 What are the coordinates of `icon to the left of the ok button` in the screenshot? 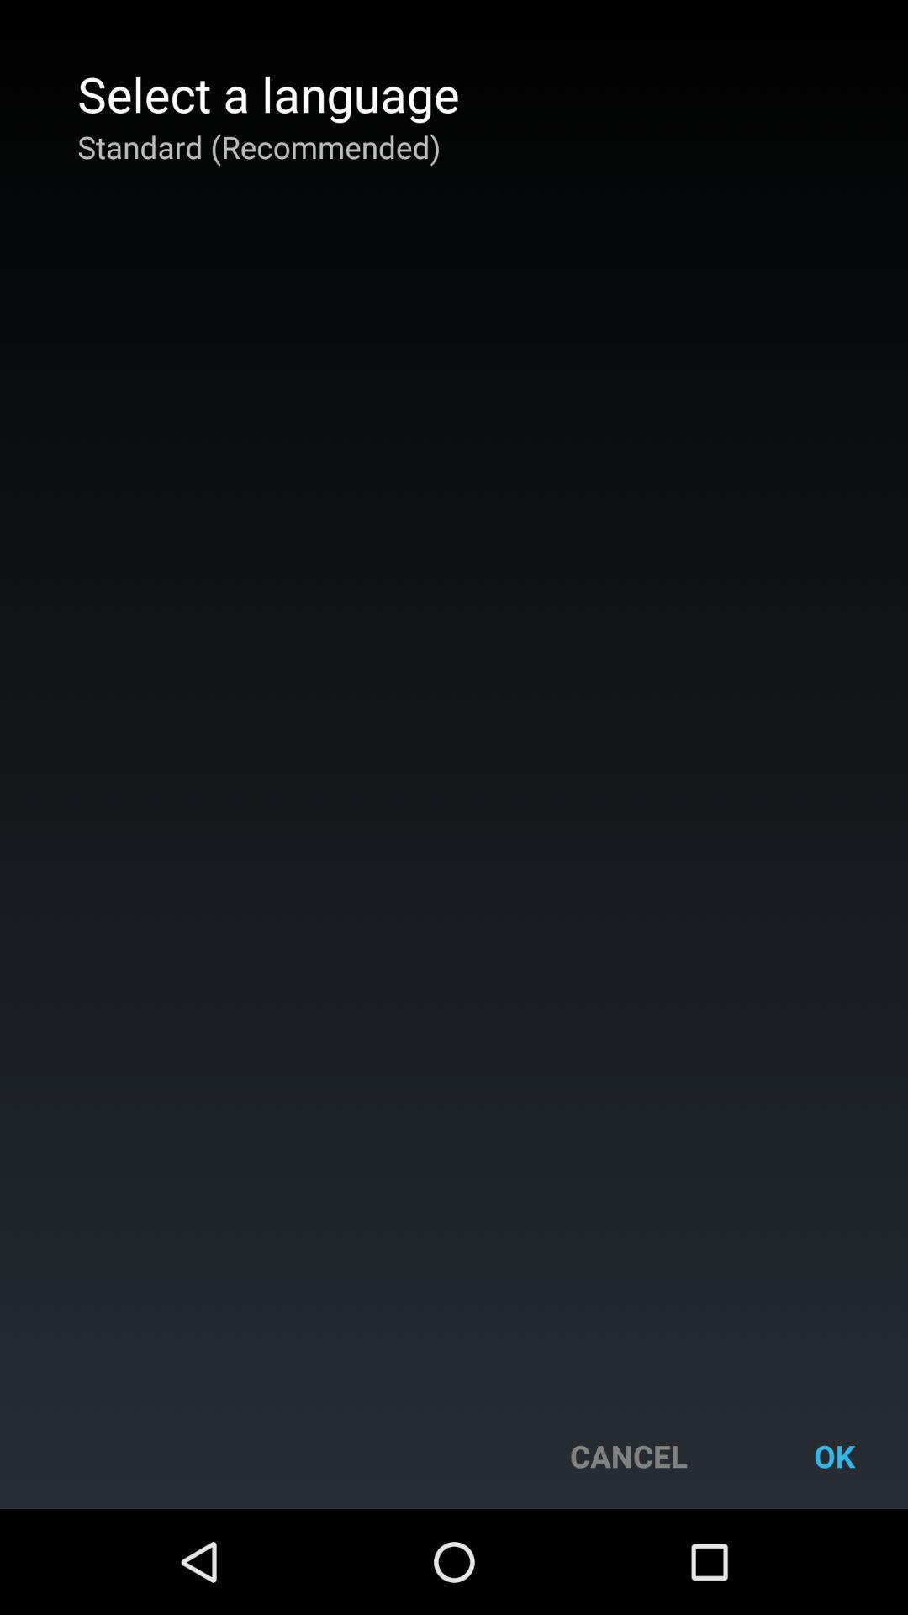 It's located at (628, 1455).